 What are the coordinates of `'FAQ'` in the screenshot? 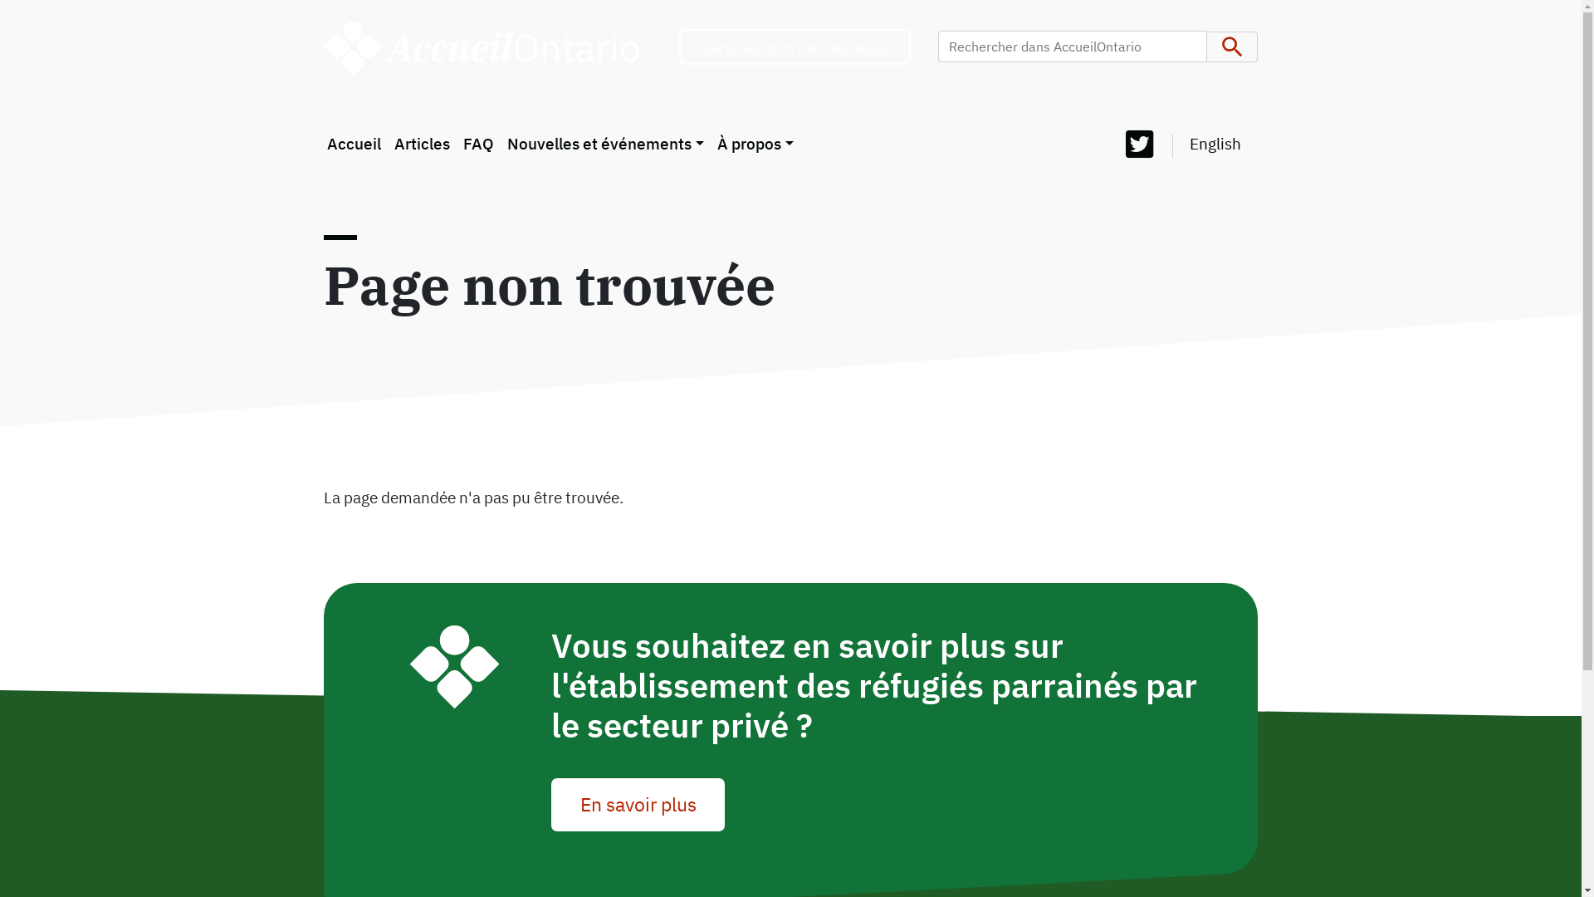 It's located at (477, 143).